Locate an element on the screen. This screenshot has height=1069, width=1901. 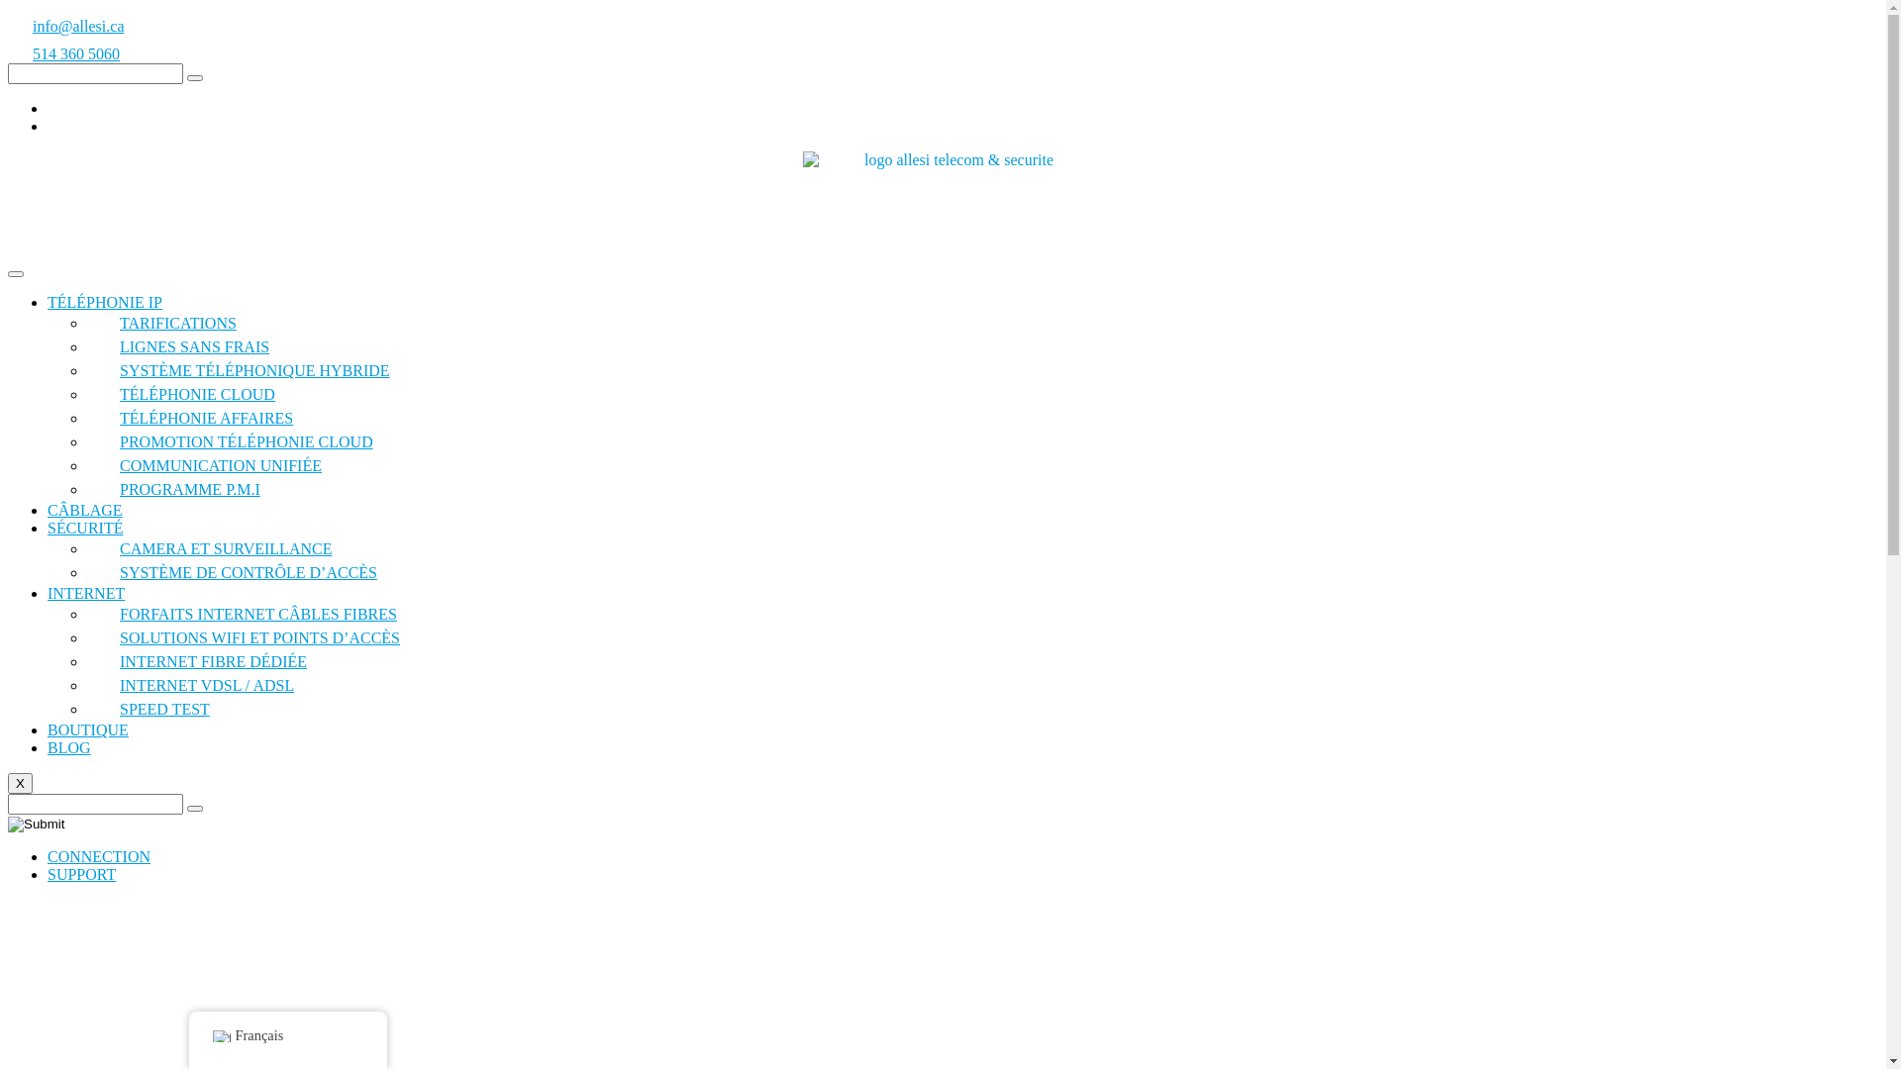
'CONNECTION' is located at coordinates (48, 855).